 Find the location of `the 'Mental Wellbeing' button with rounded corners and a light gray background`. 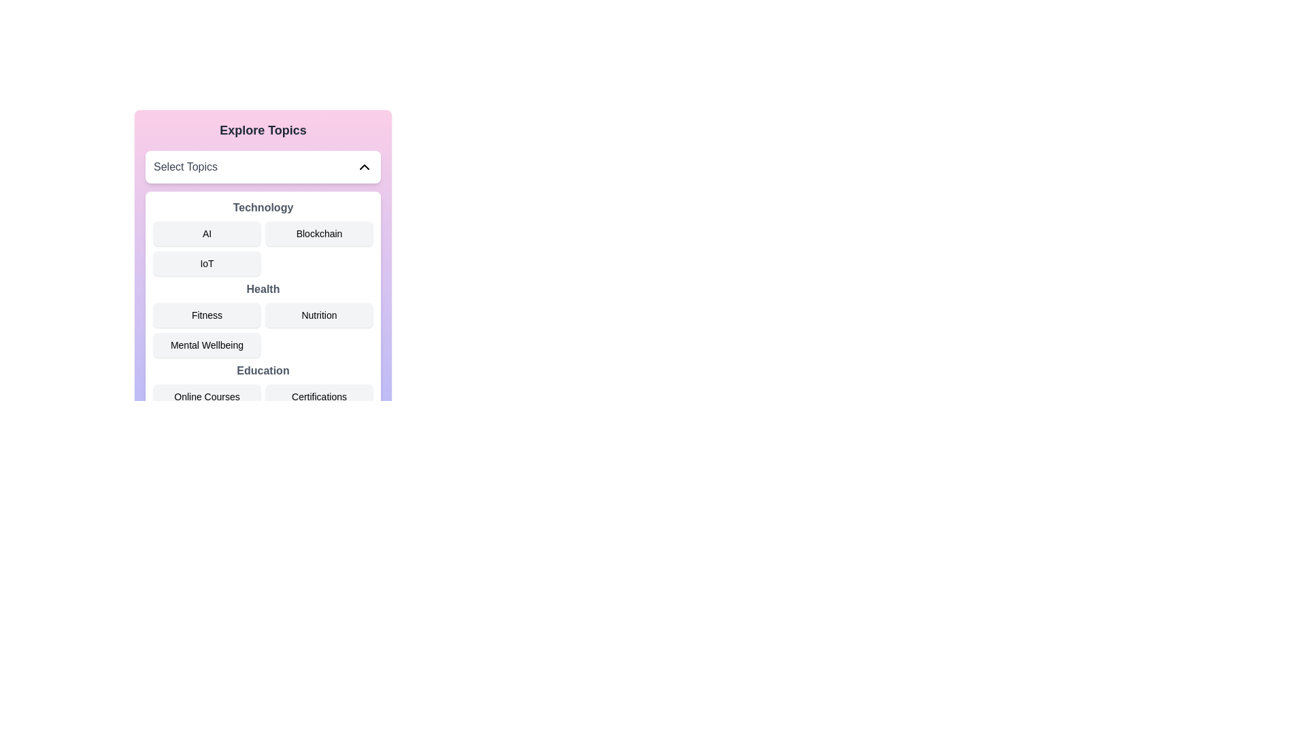

the 'Mental Wellbeing' button with rounded corners and a light gray background is located at coordinates (206, 345).